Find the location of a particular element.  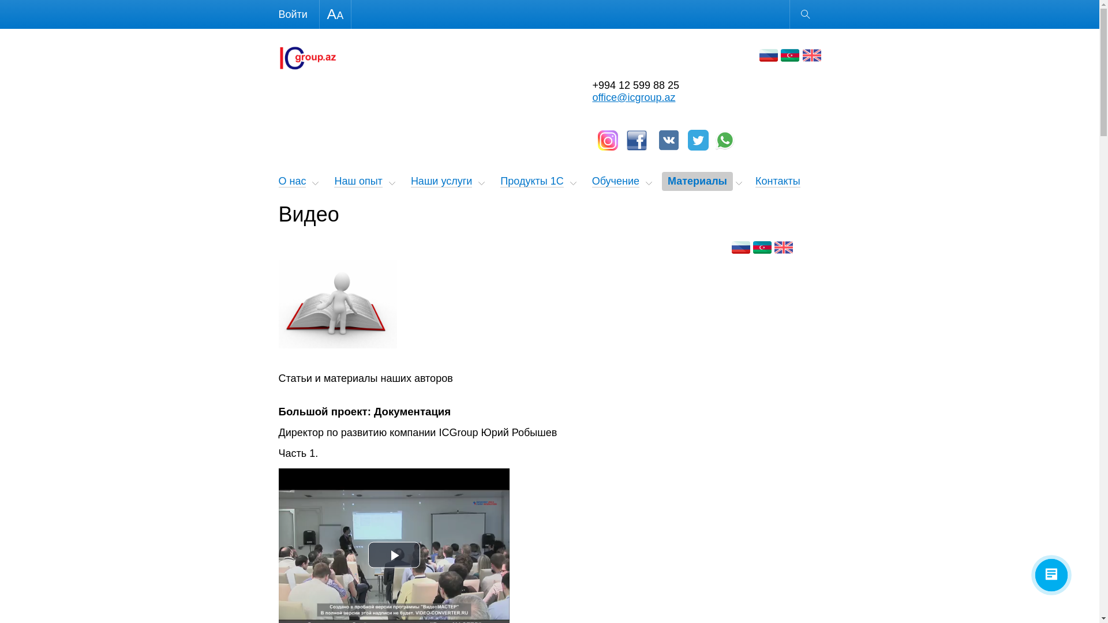

'Azerbaijani version' is located at coordinates (789, 55).